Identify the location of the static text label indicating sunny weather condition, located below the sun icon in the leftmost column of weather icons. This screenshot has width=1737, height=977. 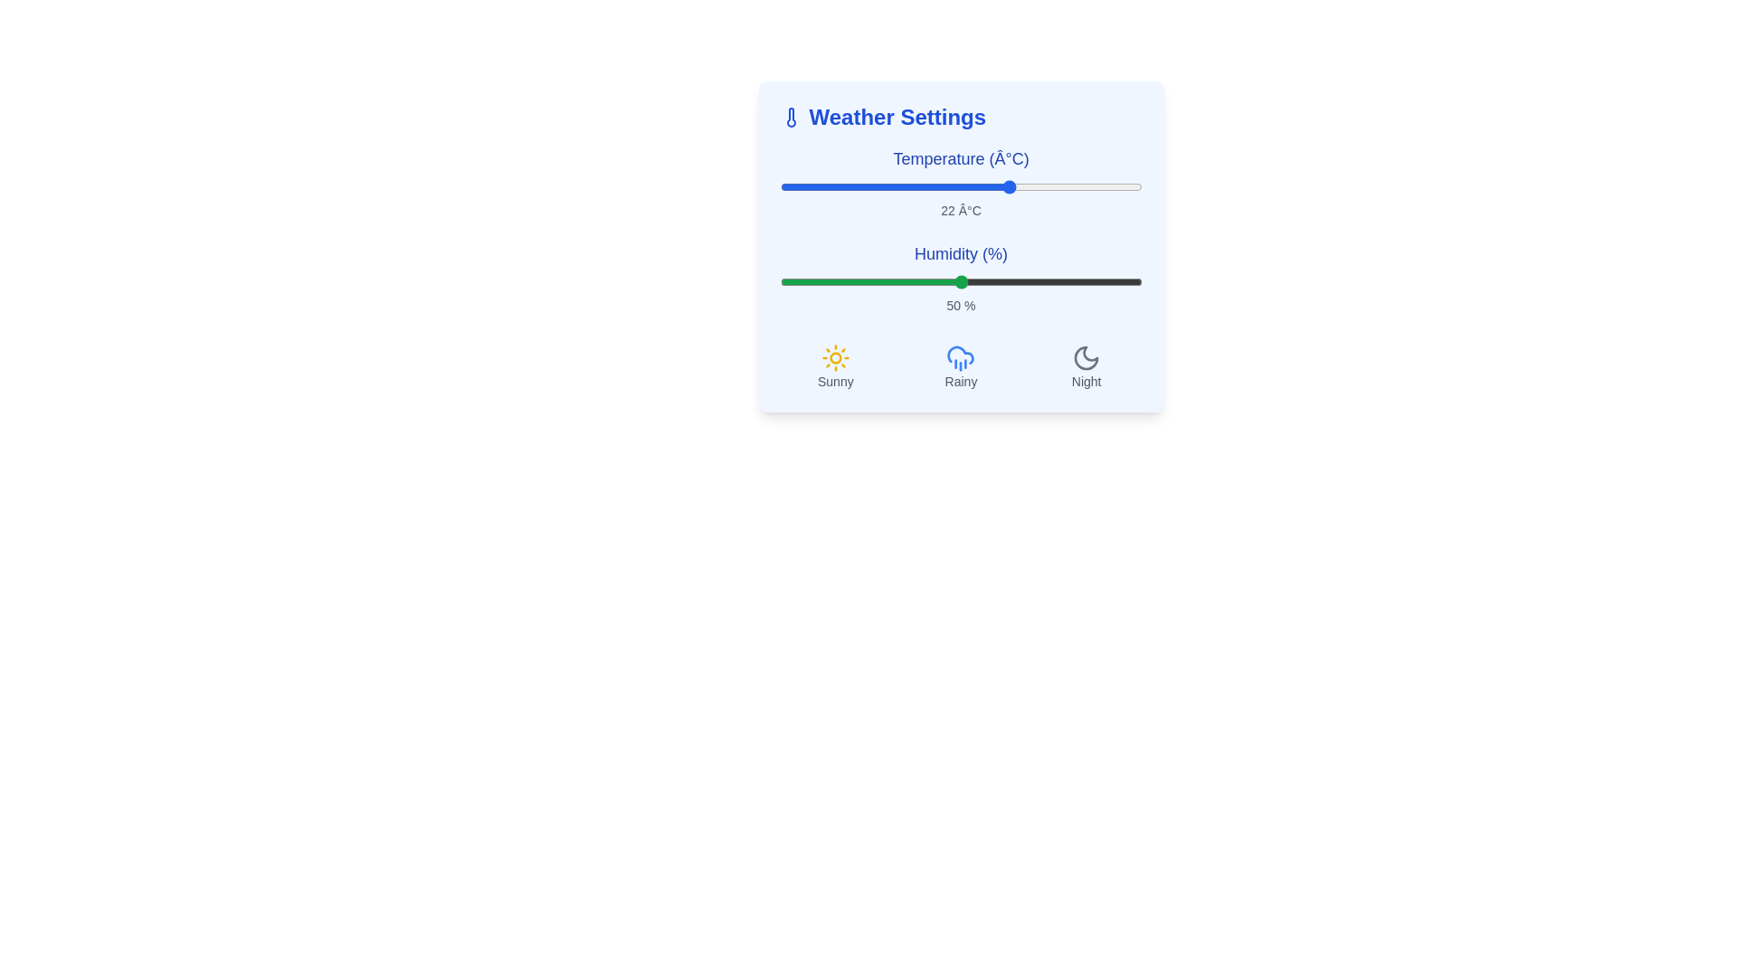
(834, 380).